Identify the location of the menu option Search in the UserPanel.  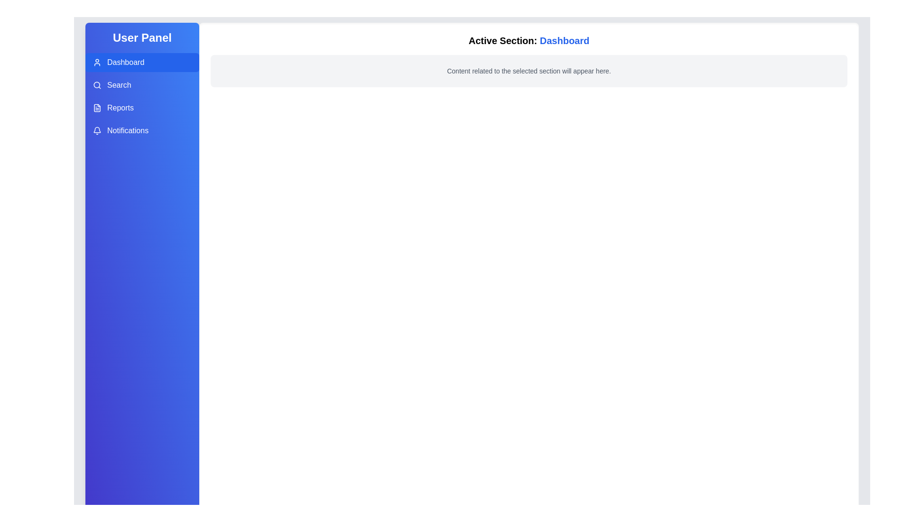
(141, 85).